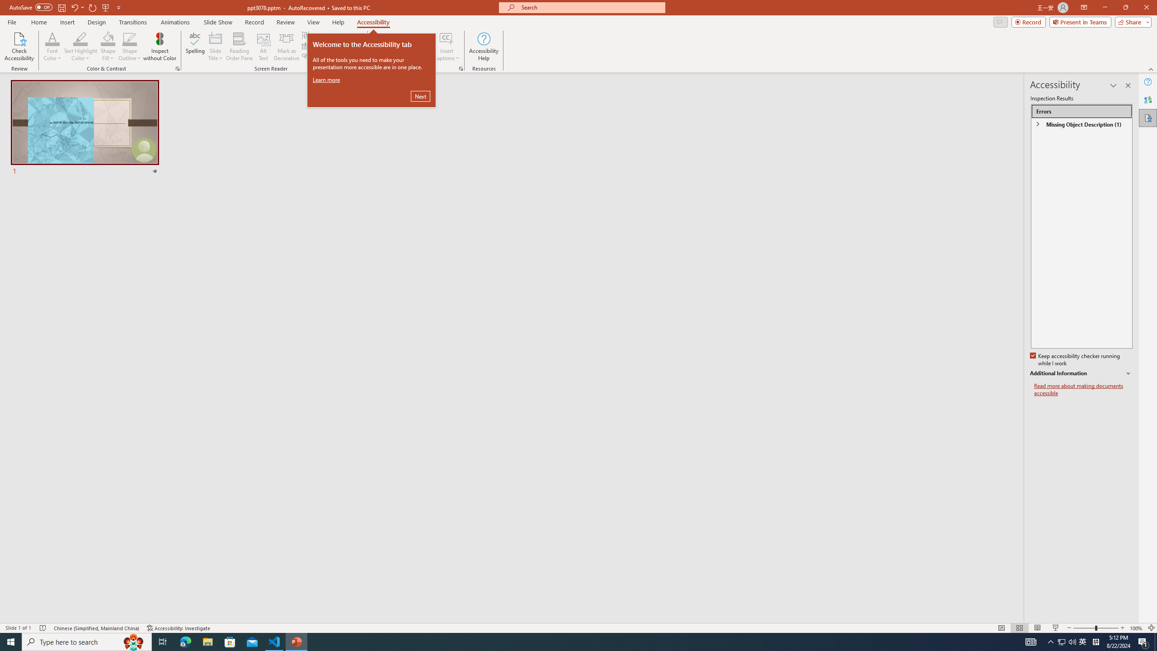  Describe the element at coordinates (19, 47) in the screenshot. I see `'Check Accessibility'` at that location.